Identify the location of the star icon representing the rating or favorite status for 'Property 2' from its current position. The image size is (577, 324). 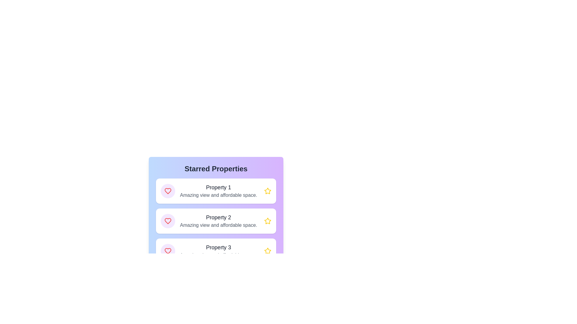
(267, 221).